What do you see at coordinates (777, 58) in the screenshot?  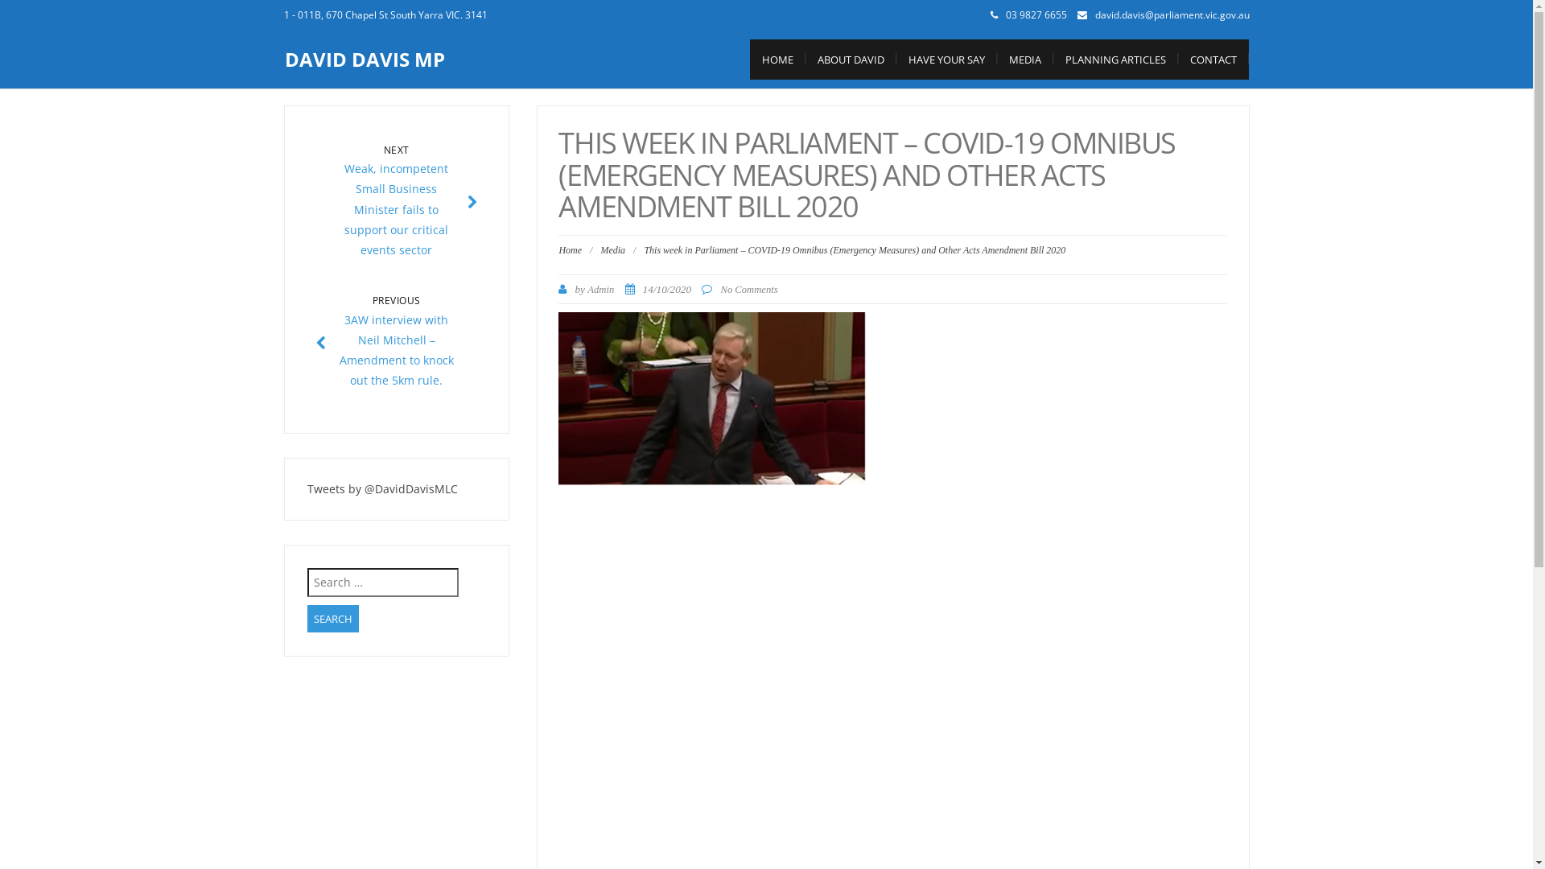 I see `'HOME'` at bounding box center [777, 58].